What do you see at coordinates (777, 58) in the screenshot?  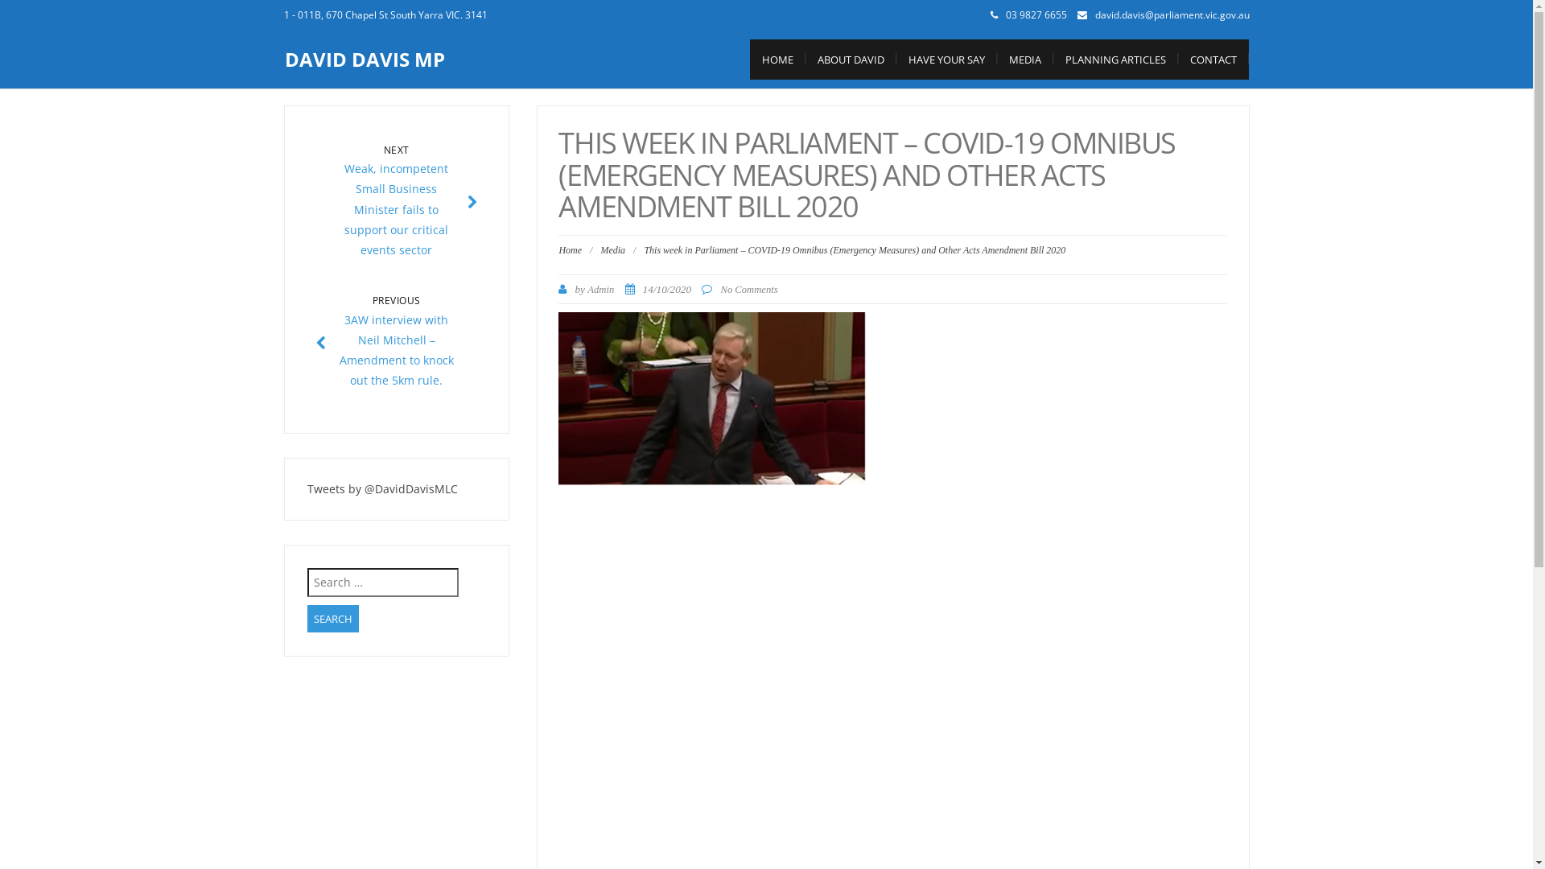 I see `'HOME'` at bounding box center [777, 58].